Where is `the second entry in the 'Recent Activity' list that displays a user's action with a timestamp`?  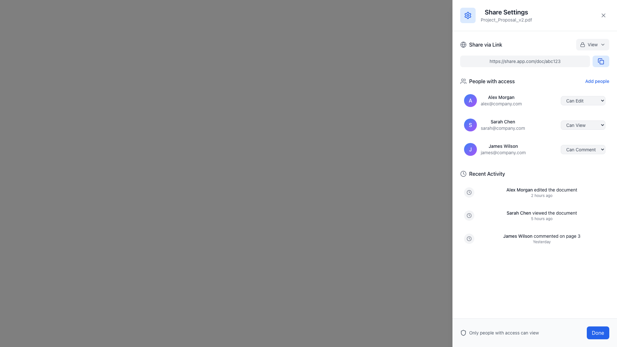
the second entry in the 'Recent Activity' list that displays a user's action with a timestamp is located at coordinates (535, 216).